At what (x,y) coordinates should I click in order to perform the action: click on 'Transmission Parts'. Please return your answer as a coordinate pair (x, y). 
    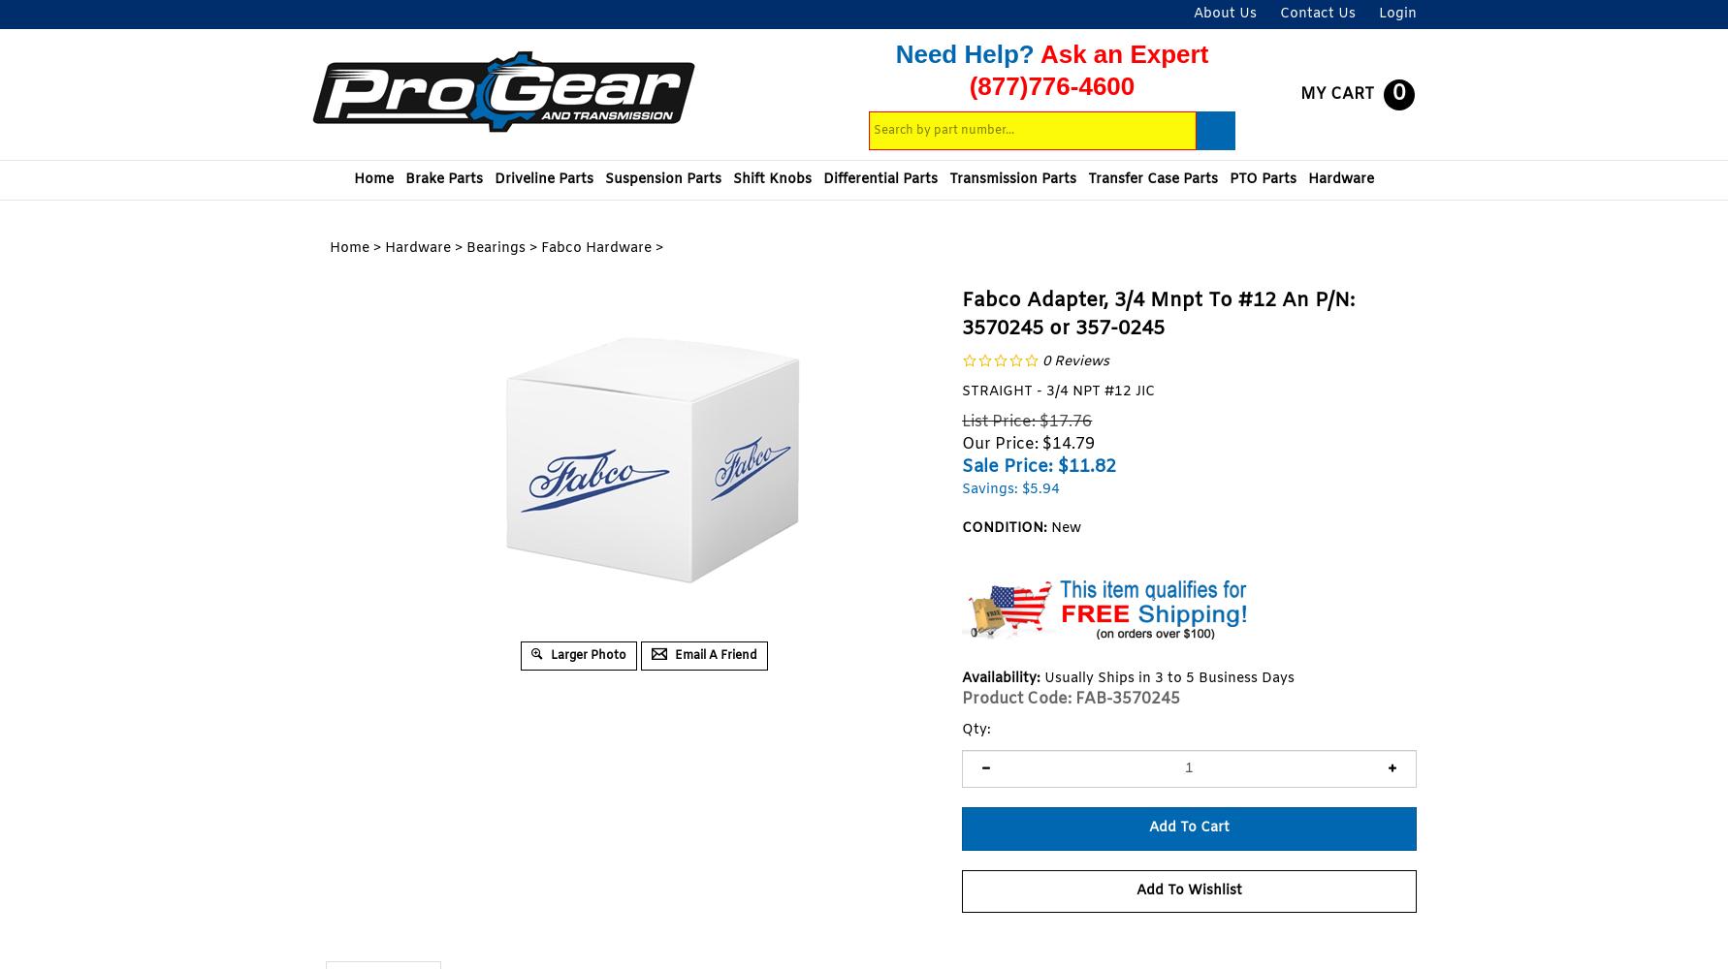
    Looking at the image, I should click on (1011, 179).